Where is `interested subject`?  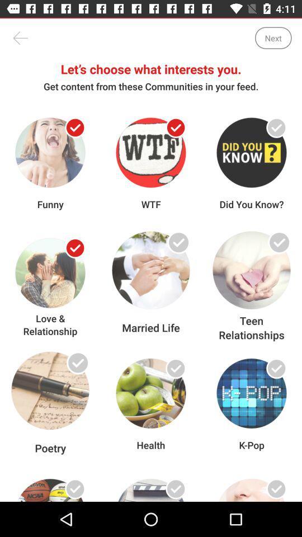 interested subject is located at coordinates (75, 368).